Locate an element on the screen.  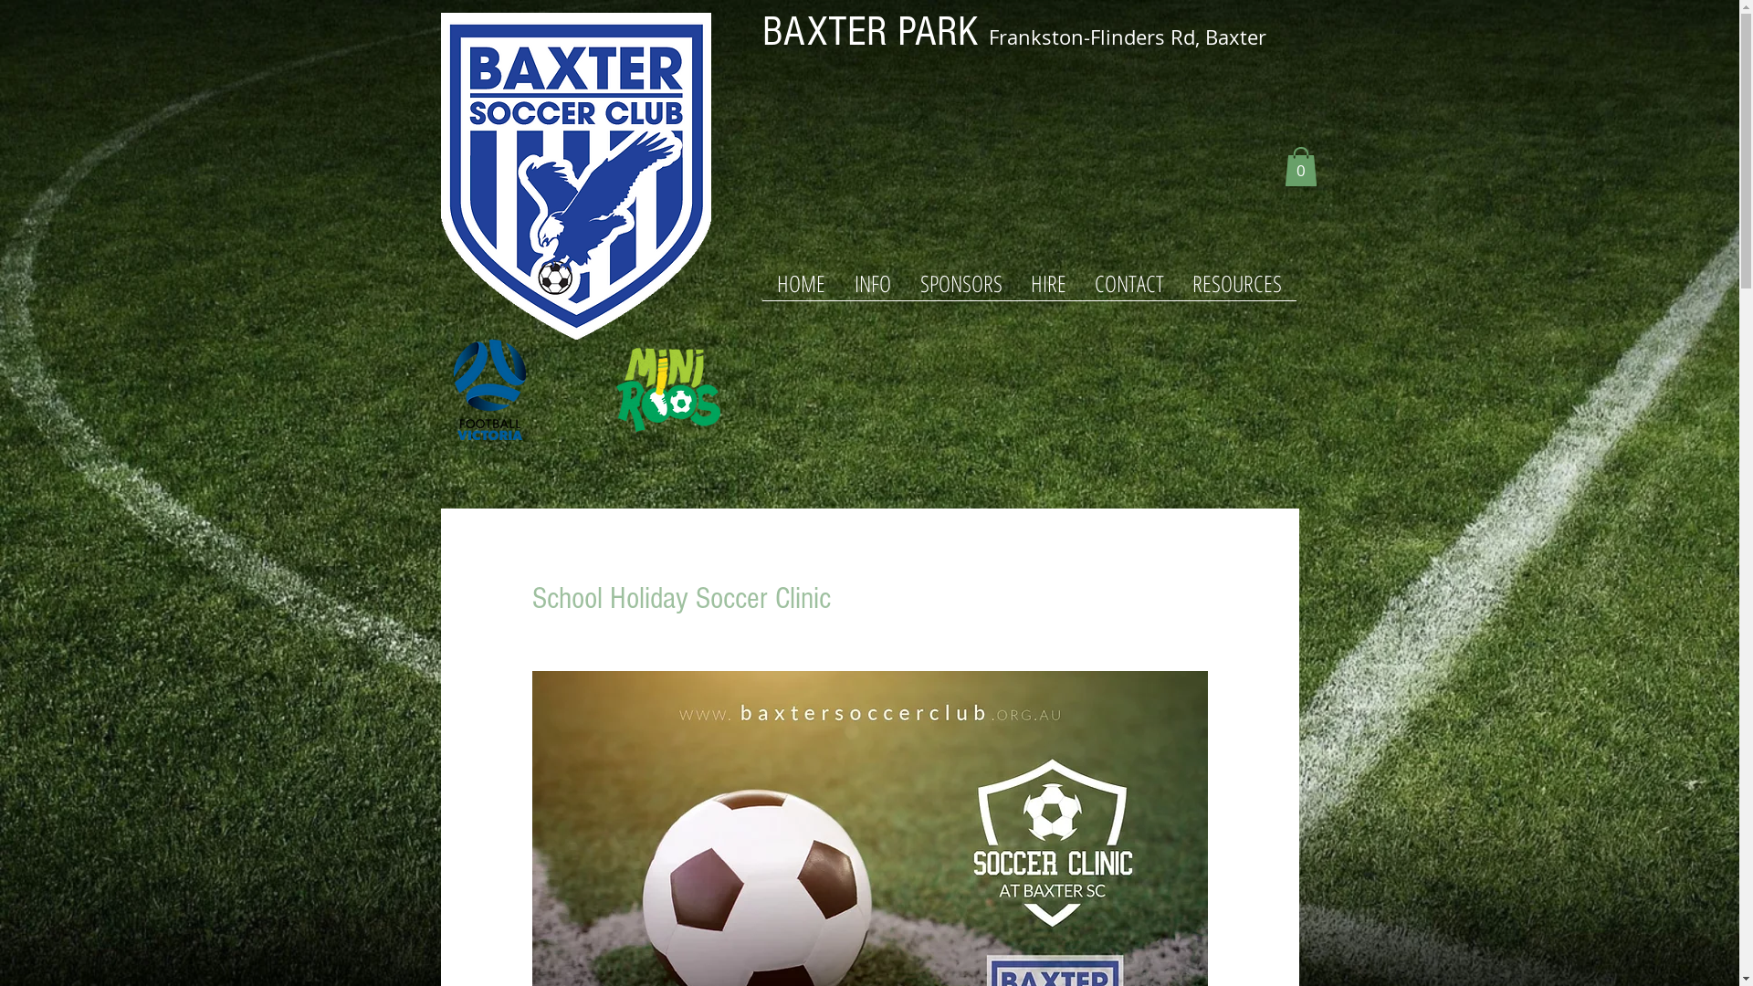
'RESOURCES' is located at coordinates (1236, 288).